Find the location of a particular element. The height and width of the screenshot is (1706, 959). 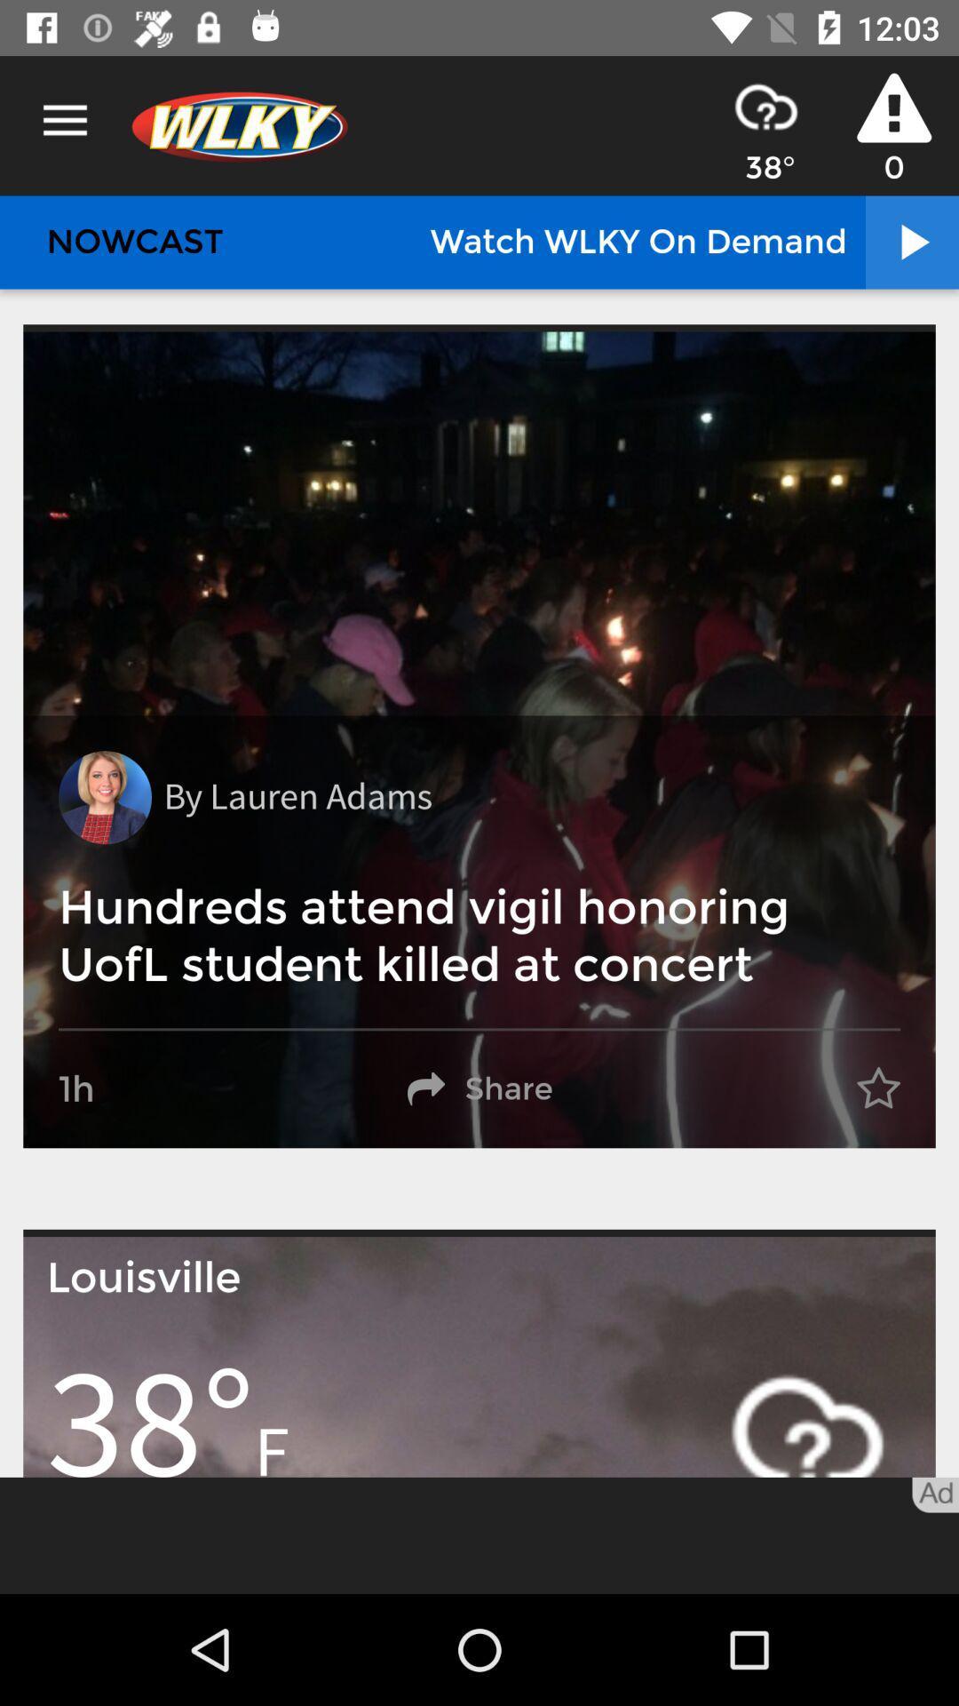

the menu icon is located at coordinates (64, 120).